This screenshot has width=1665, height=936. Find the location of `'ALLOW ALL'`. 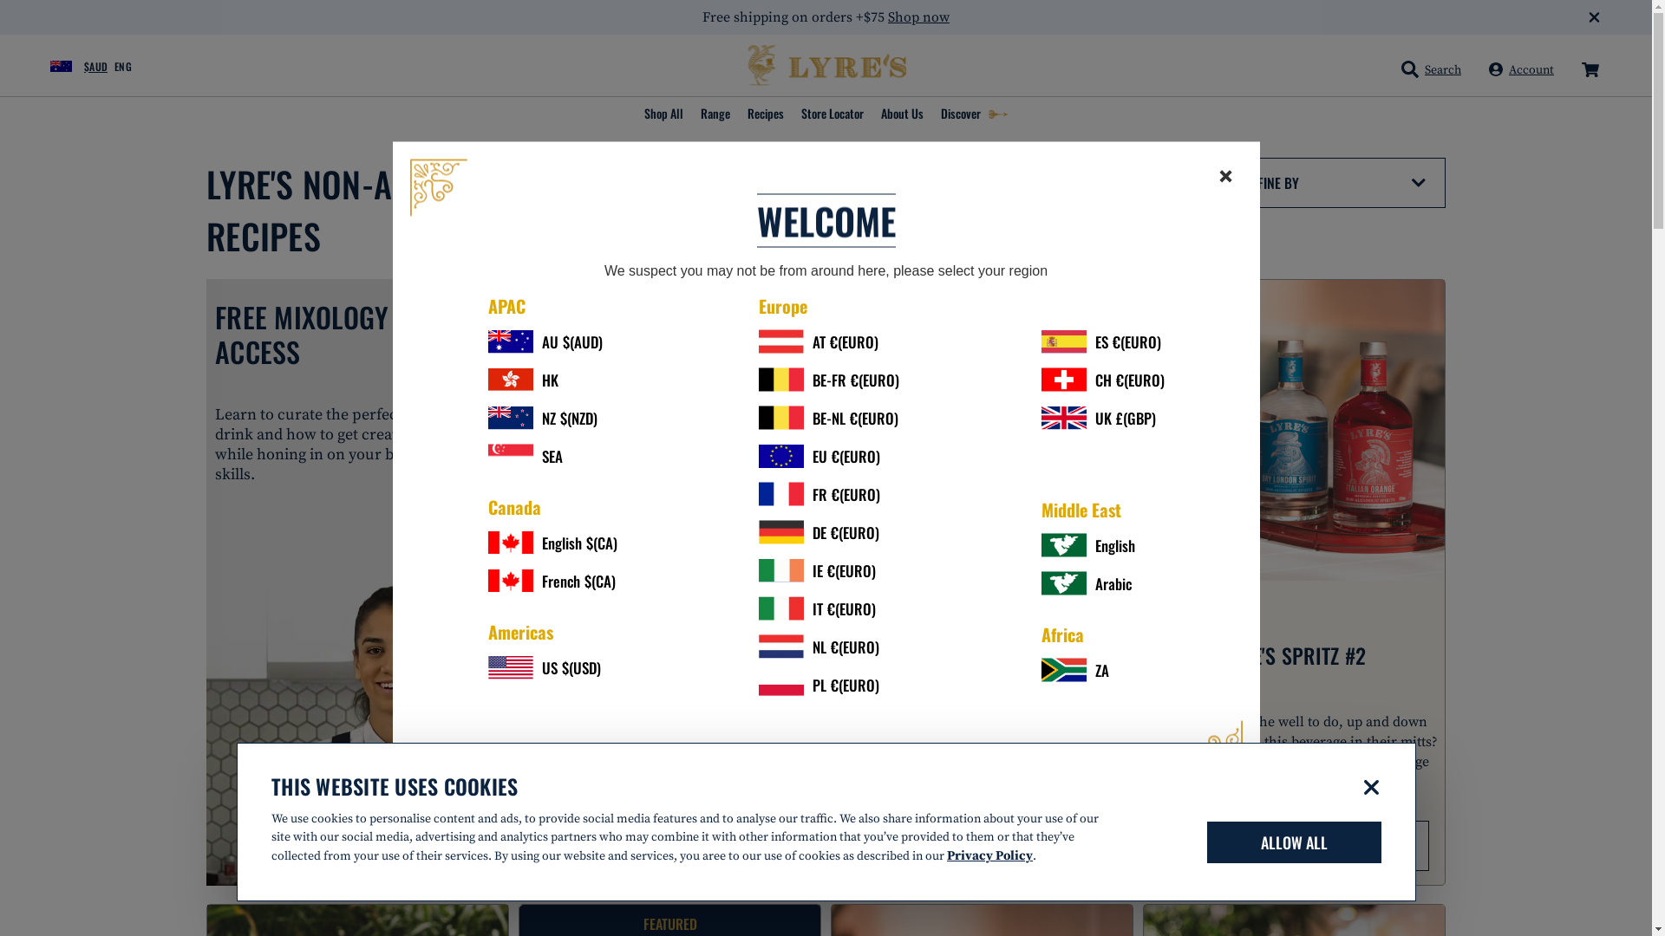

'ALLOW ALL' is located at coordinates (1205, 842).